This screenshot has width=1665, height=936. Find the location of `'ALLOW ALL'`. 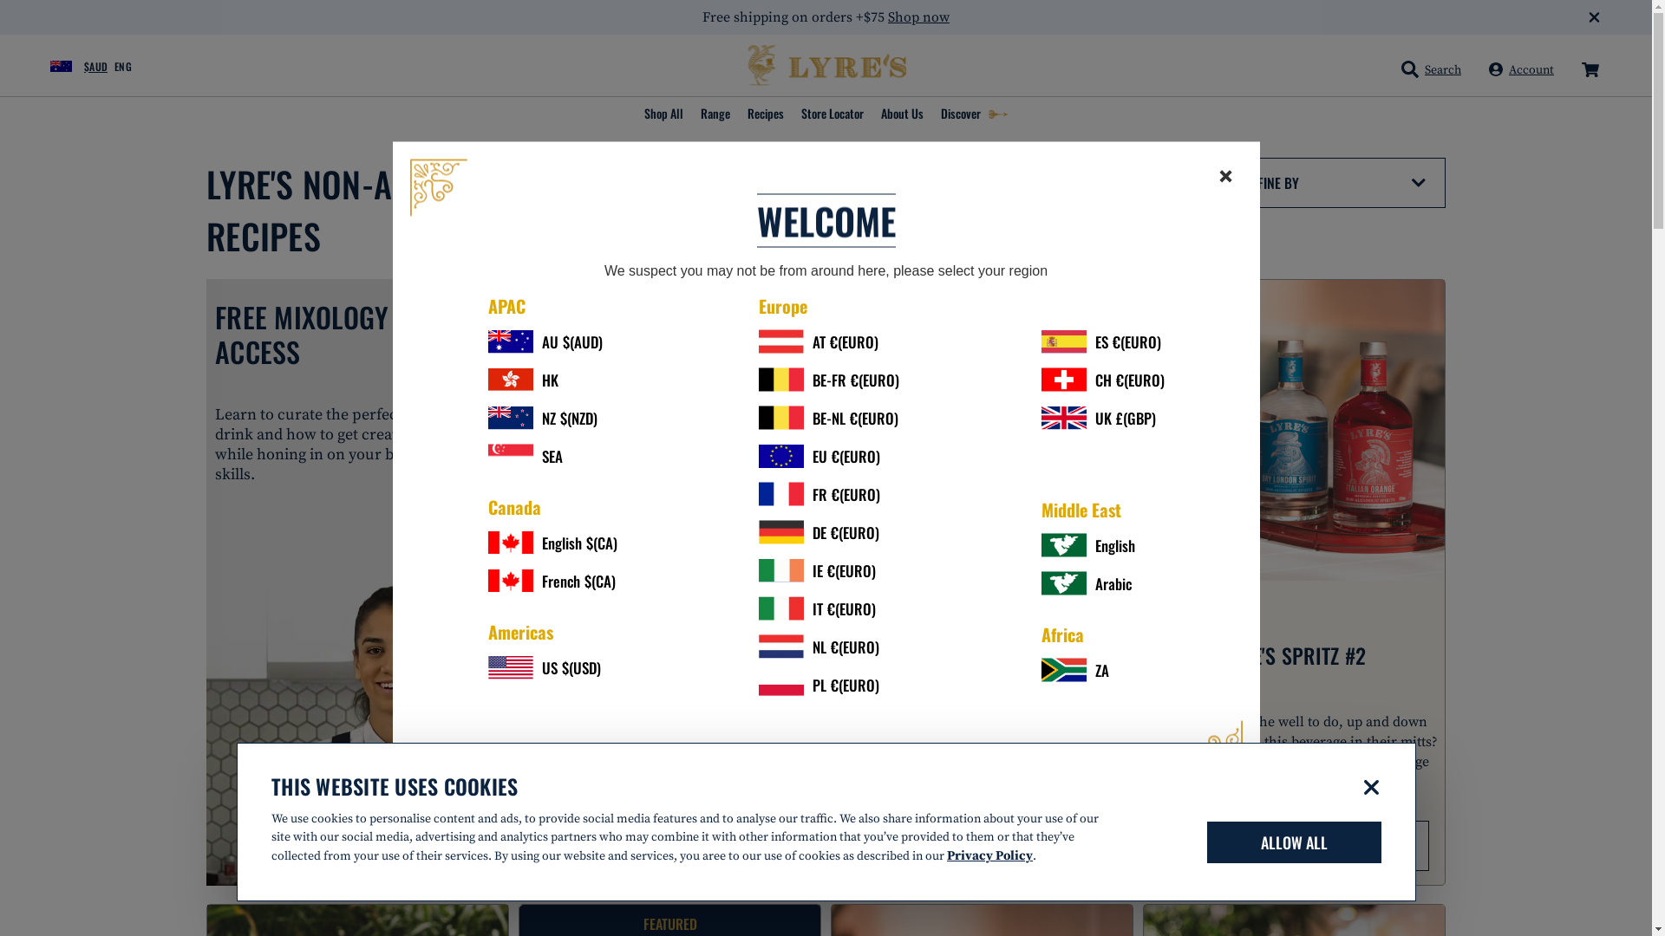

'ALLOW ALL' is located at coordinates (1205, 842).